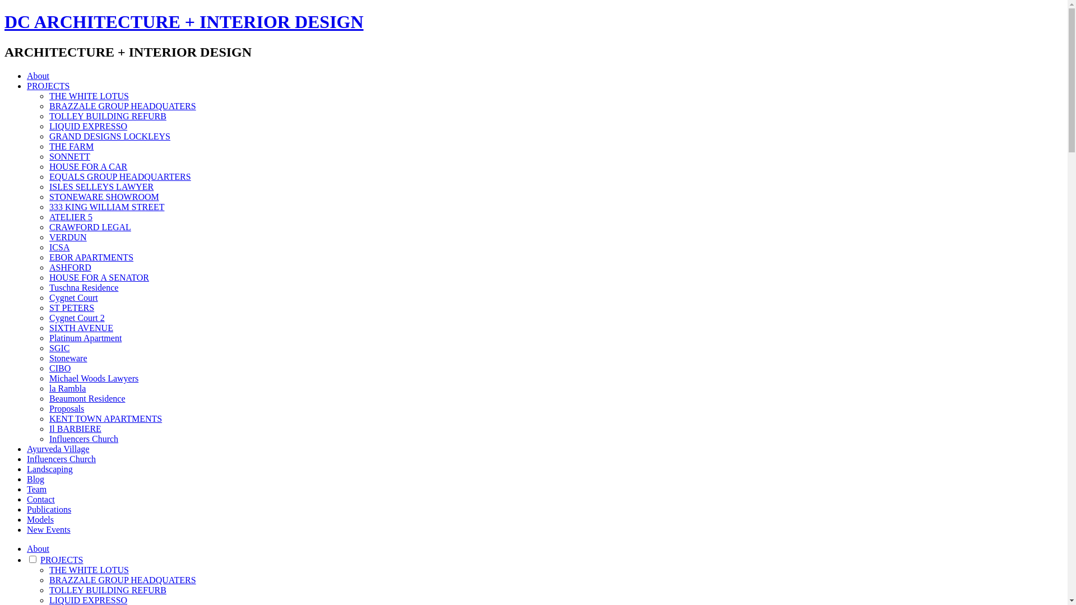  I want to click on 'Blog', so click(35, 479).